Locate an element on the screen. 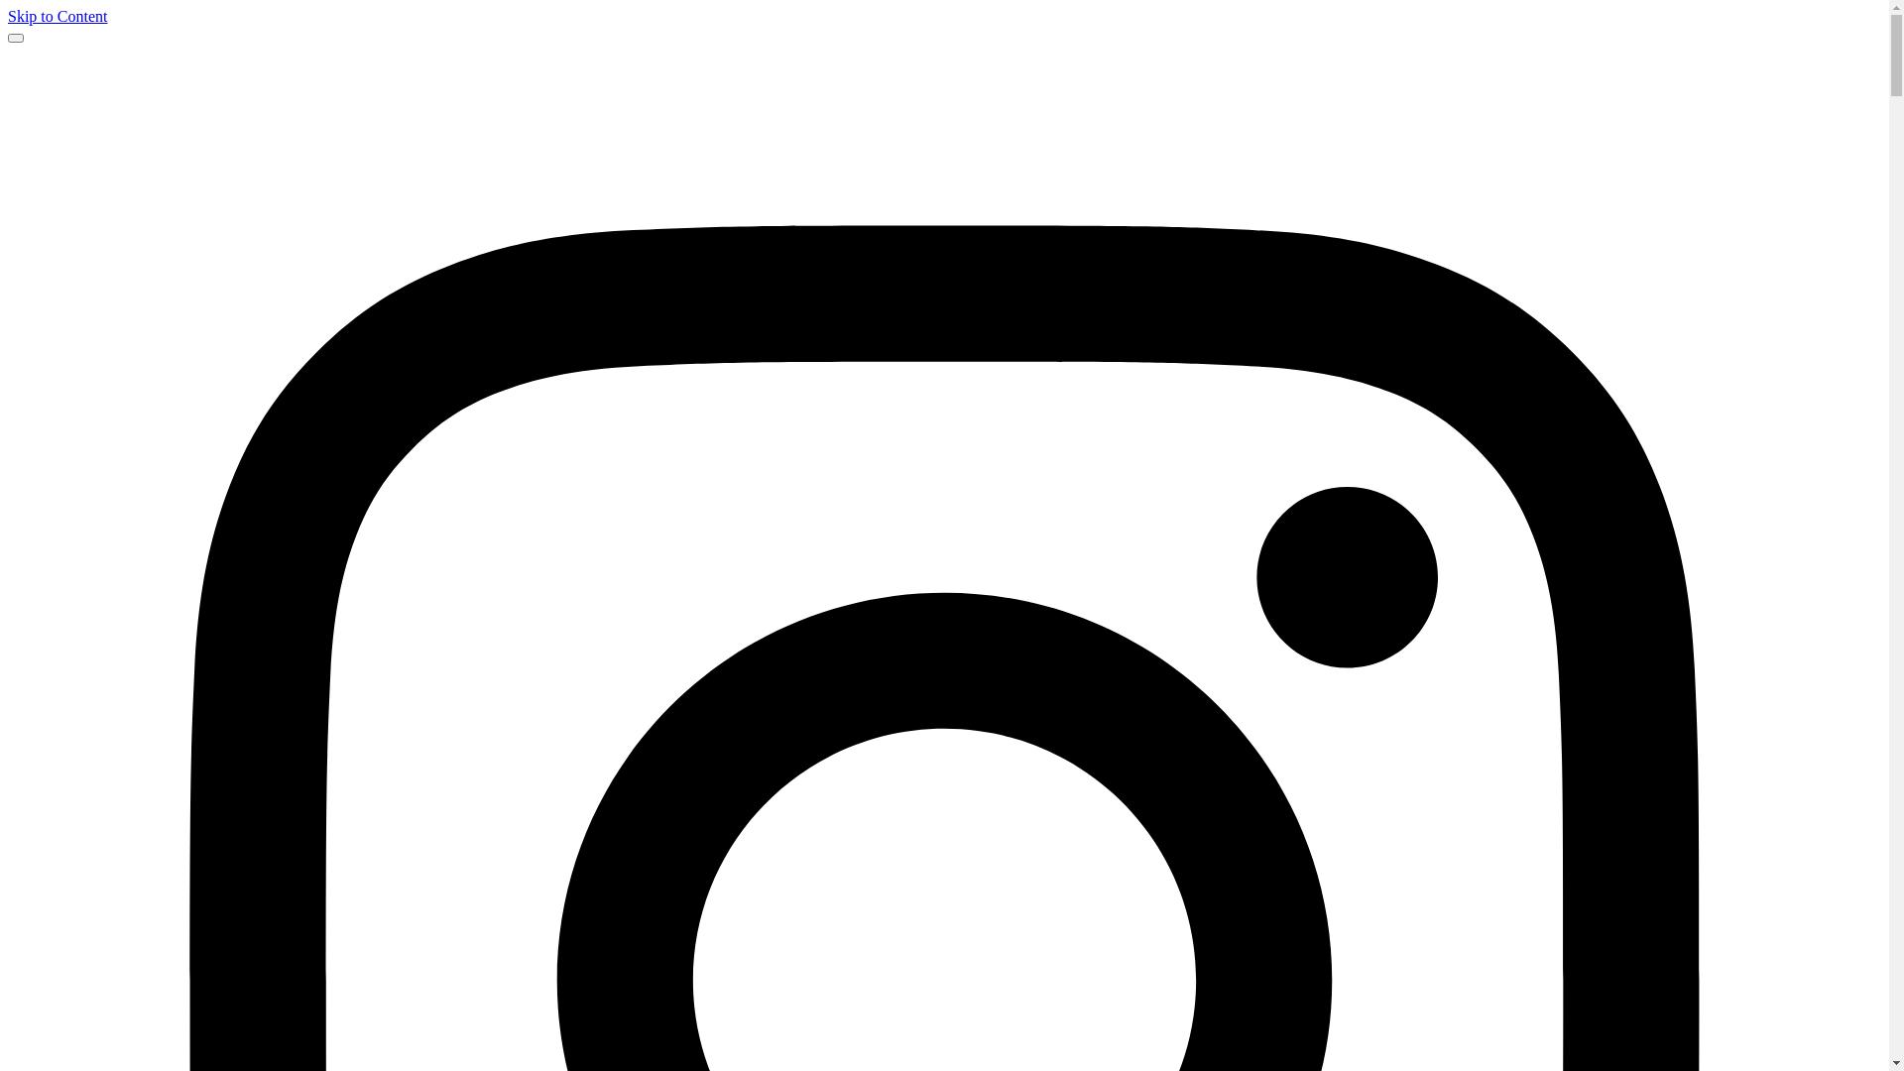 The width and height of the screenshot is (1904, 1071). 'Skip to Content' is located at coordinates (57, 16).